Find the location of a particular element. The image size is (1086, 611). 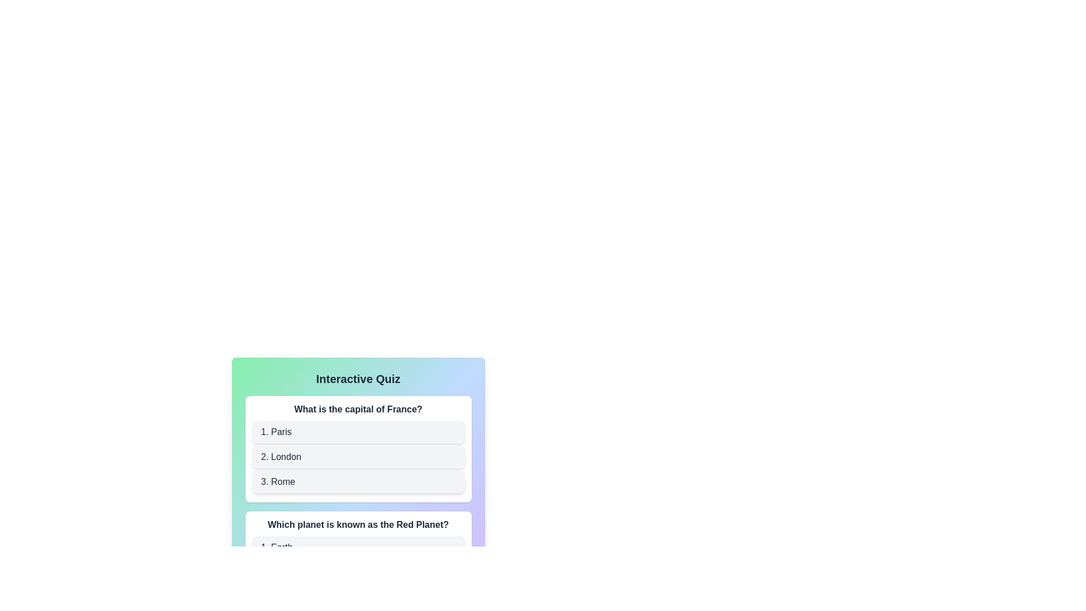

the interactive list item labeled '2. London' is located at coordinates (357, 456).